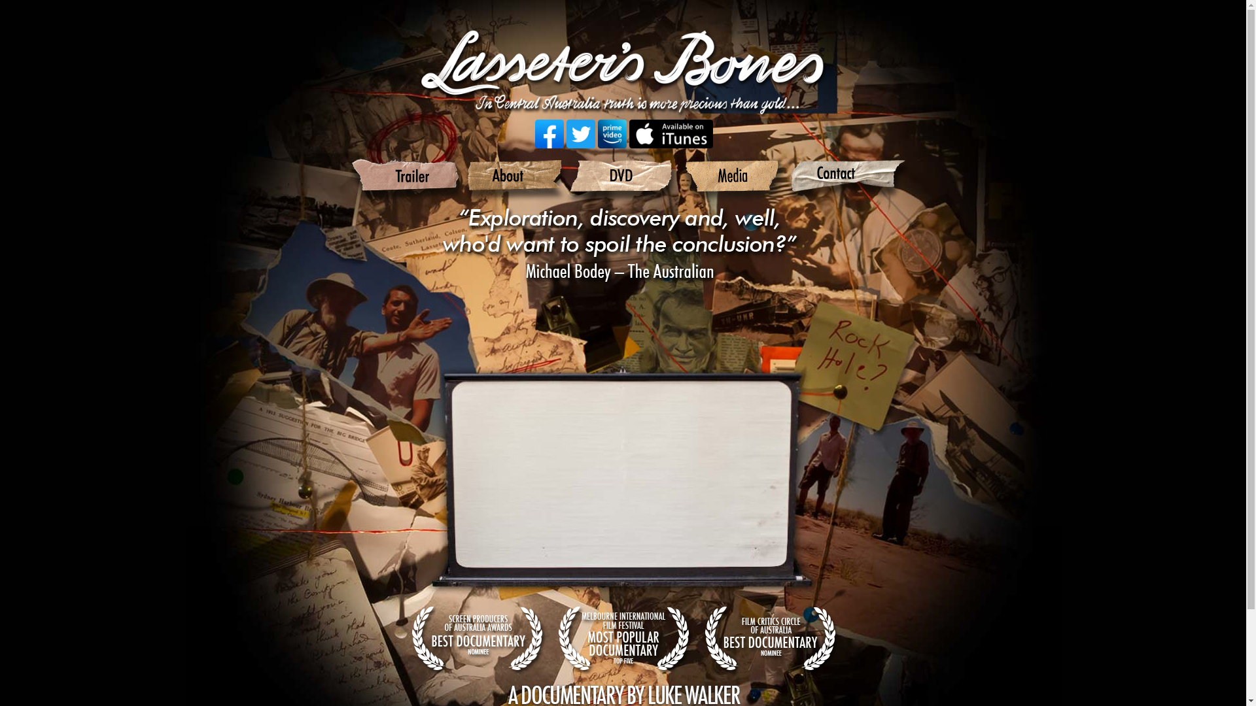 The height and width of the screenshot is (706, 1256). I want to click on 'Available on iTunes', so click(629, 133).